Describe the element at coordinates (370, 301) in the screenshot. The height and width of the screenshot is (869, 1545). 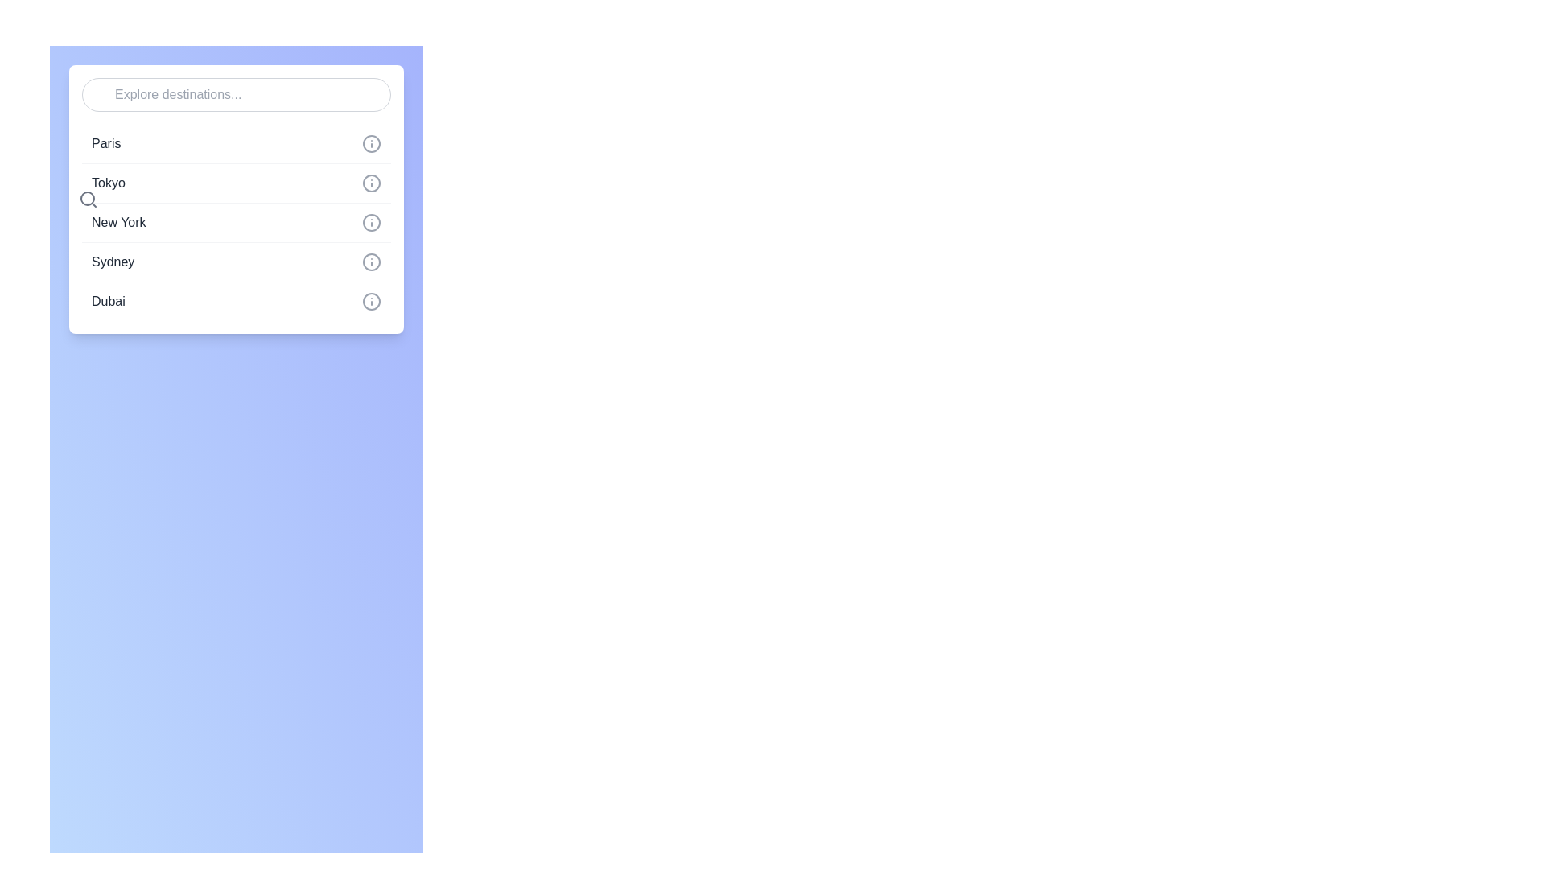
I see `the circular informational icon next to the 'Dubai' list item` at that location.